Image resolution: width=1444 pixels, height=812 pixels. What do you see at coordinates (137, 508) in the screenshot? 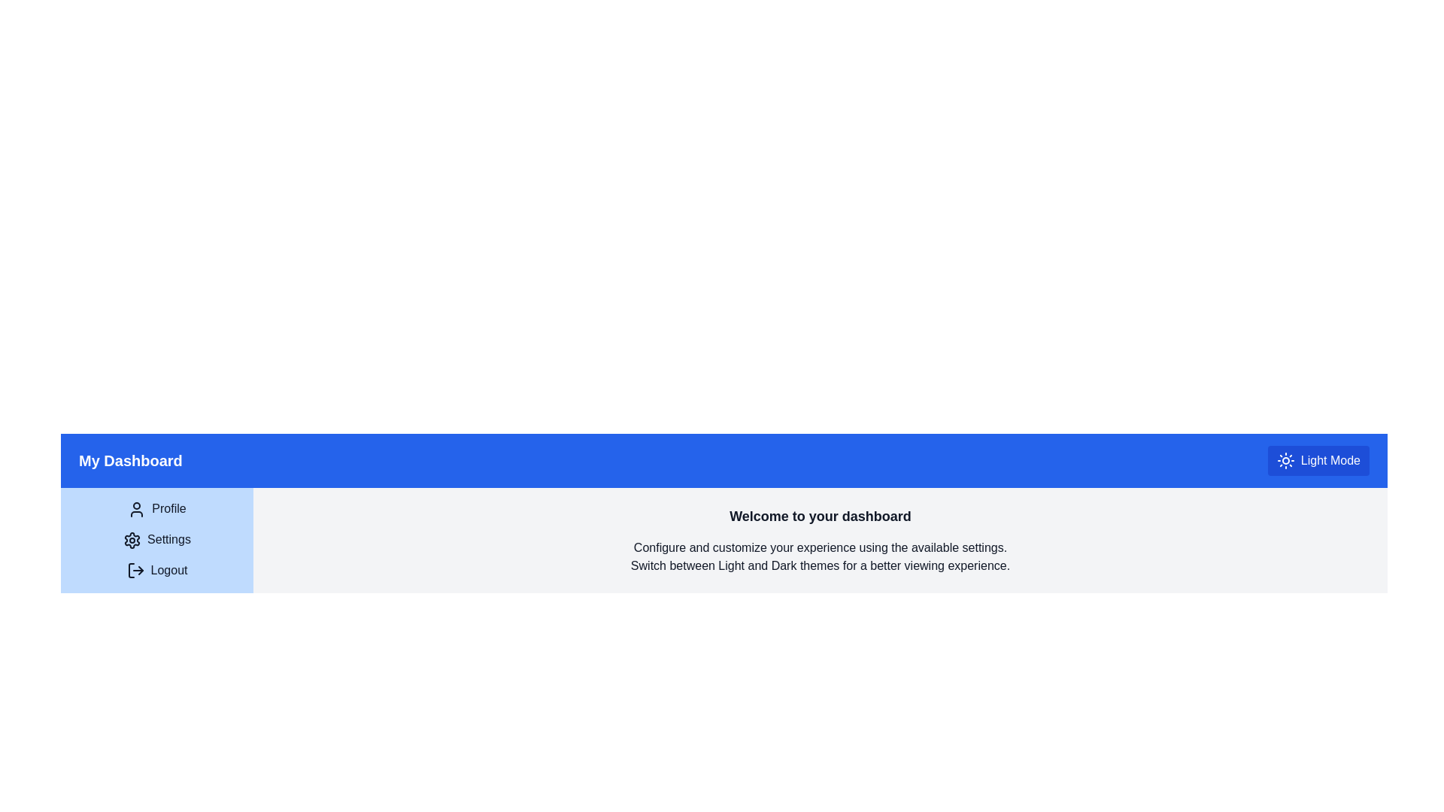
I see `the user/avatar icon located in the top-left corner of the vertical list menu in the sidebar` at bounding box center [137, 508].